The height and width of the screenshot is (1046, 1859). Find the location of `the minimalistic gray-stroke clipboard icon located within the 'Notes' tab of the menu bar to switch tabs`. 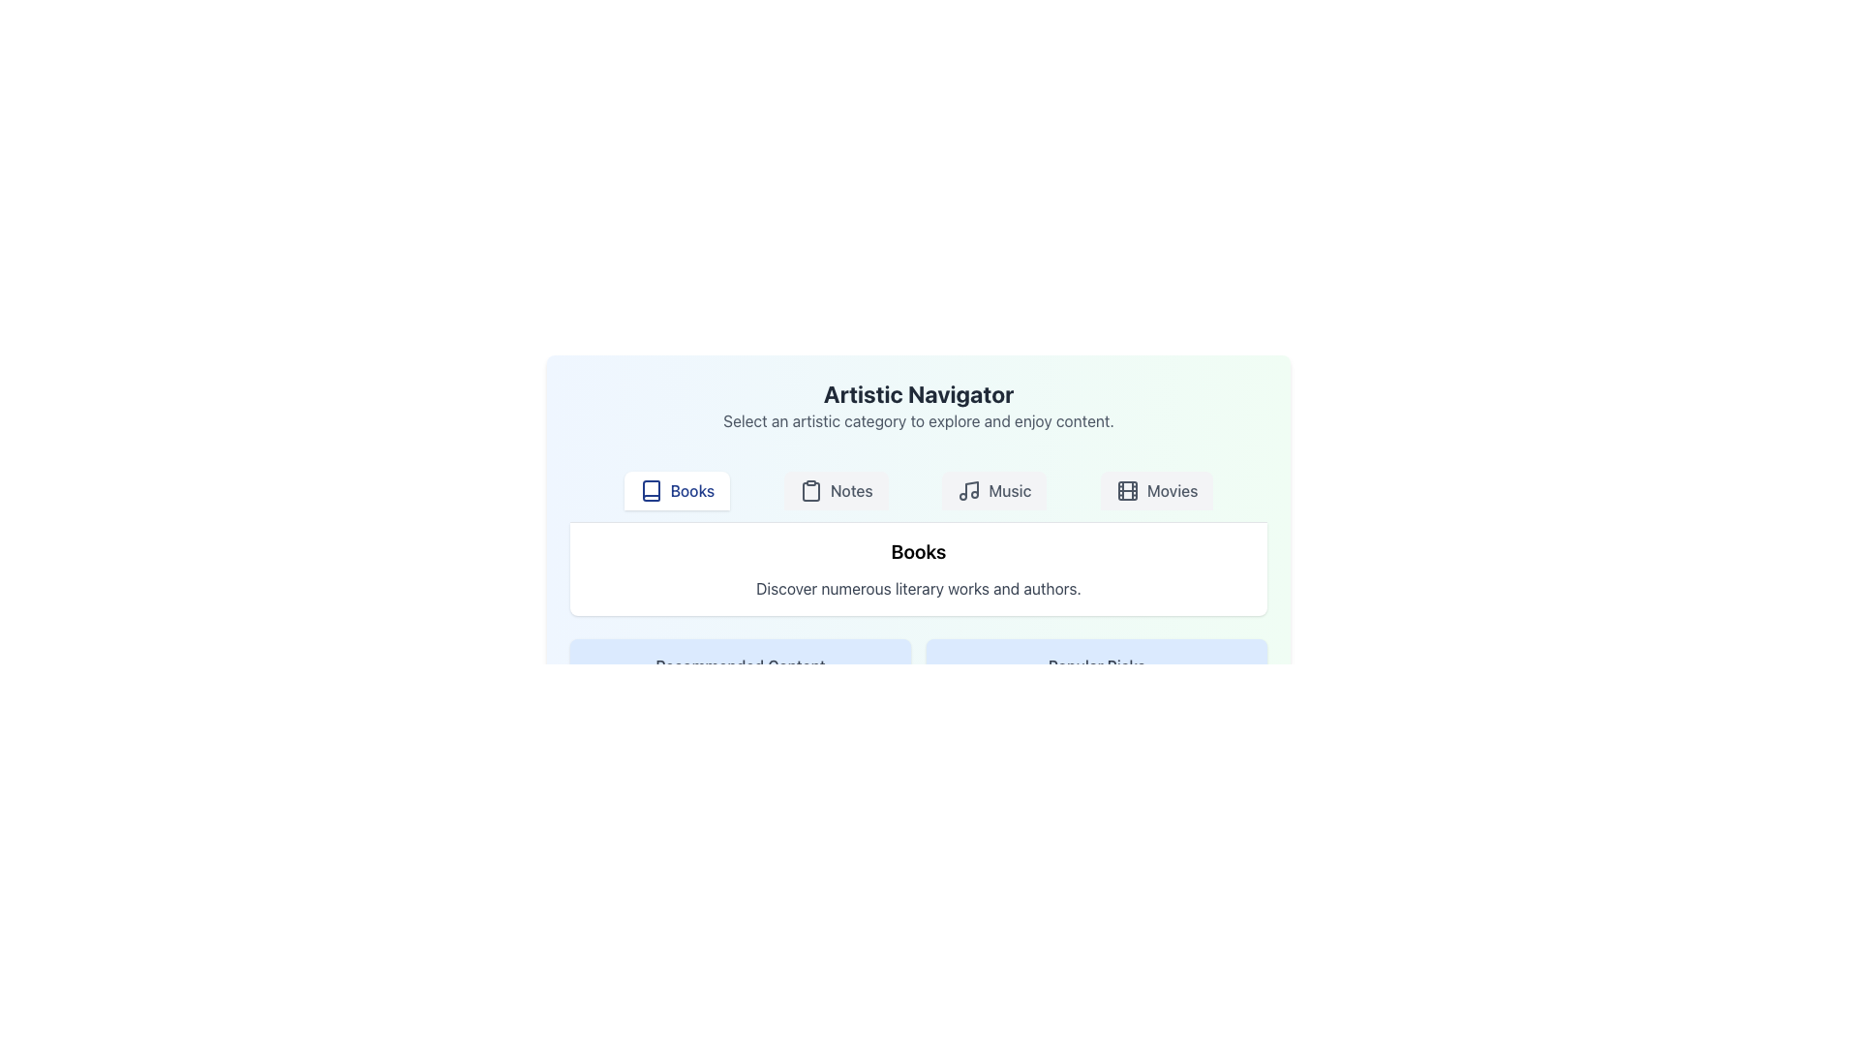

the minimalistic gray-stroke clipboard icon located within the 'Notes' tab of the menu bar to switch tabs is located at coordinates (810, 489).